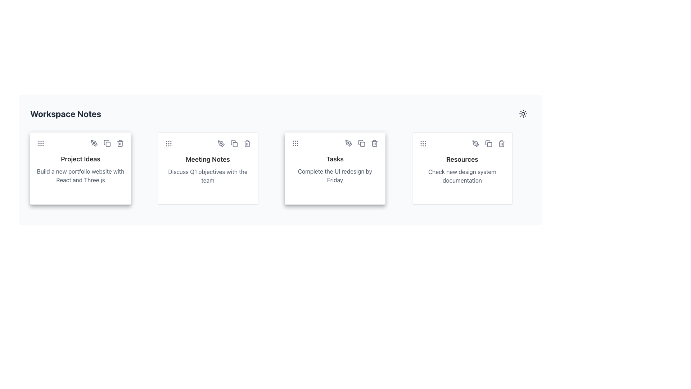  I want to click on the document icon located in the Resources card, so click(487, 143).